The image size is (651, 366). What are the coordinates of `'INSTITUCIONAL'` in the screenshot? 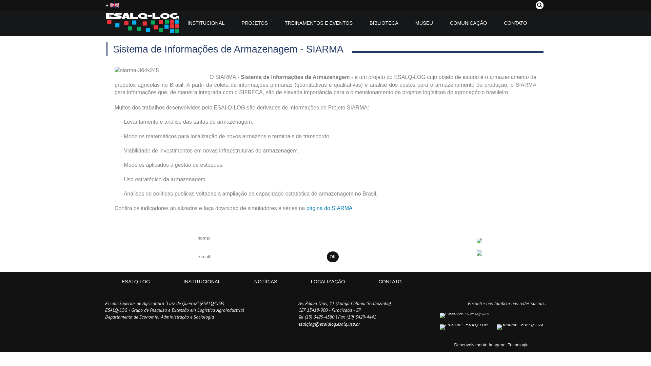 It's located at (202, 281).